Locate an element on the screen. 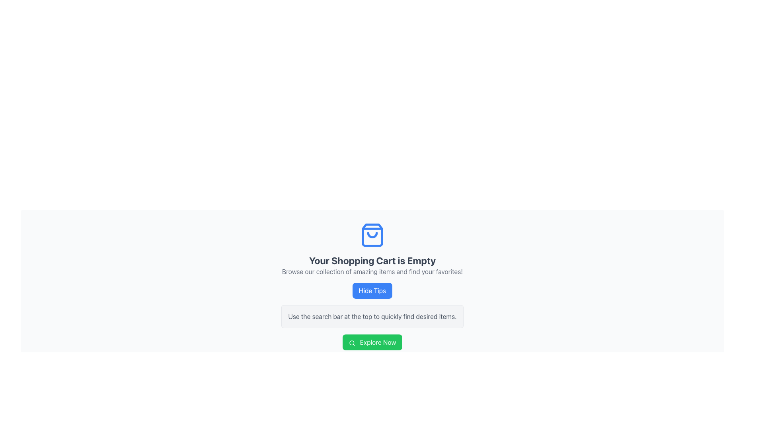  the text label indicating that the shopping cart is currently empty, which is positioned below the shopping bag icon and above the text starting with 'Browse our collection' is located at coordinates (372, 260).